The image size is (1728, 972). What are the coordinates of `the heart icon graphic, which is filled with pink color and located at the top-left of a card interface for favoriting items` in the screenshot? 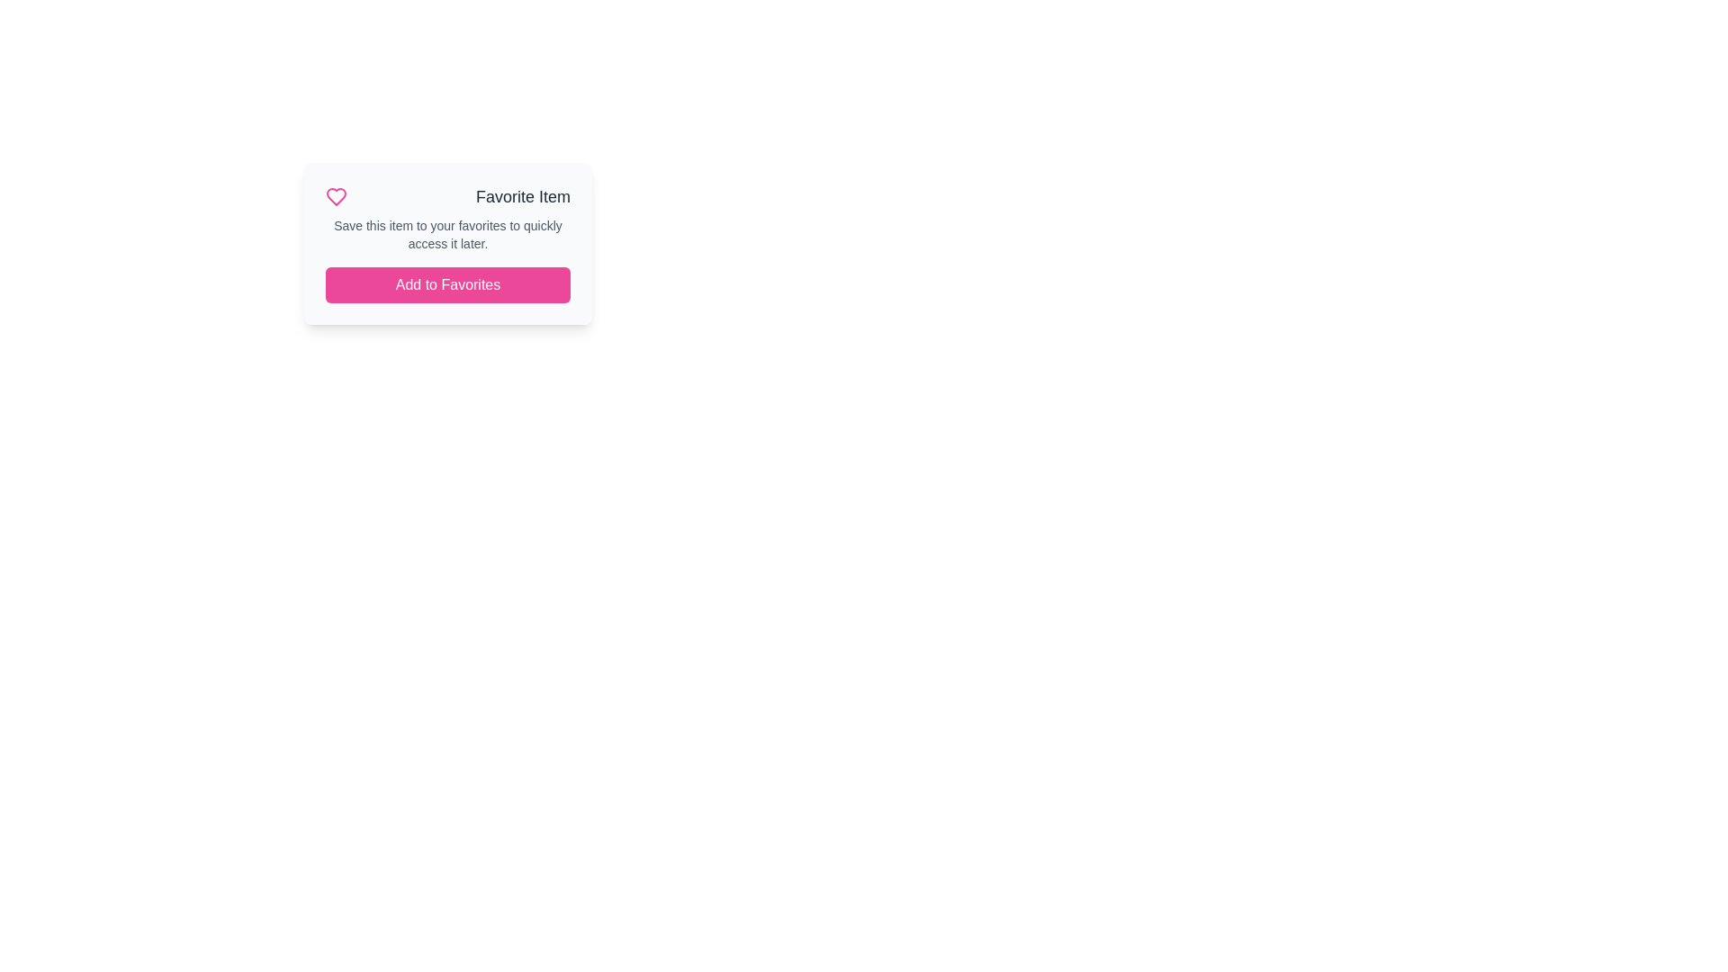 It's located at (337, 197).